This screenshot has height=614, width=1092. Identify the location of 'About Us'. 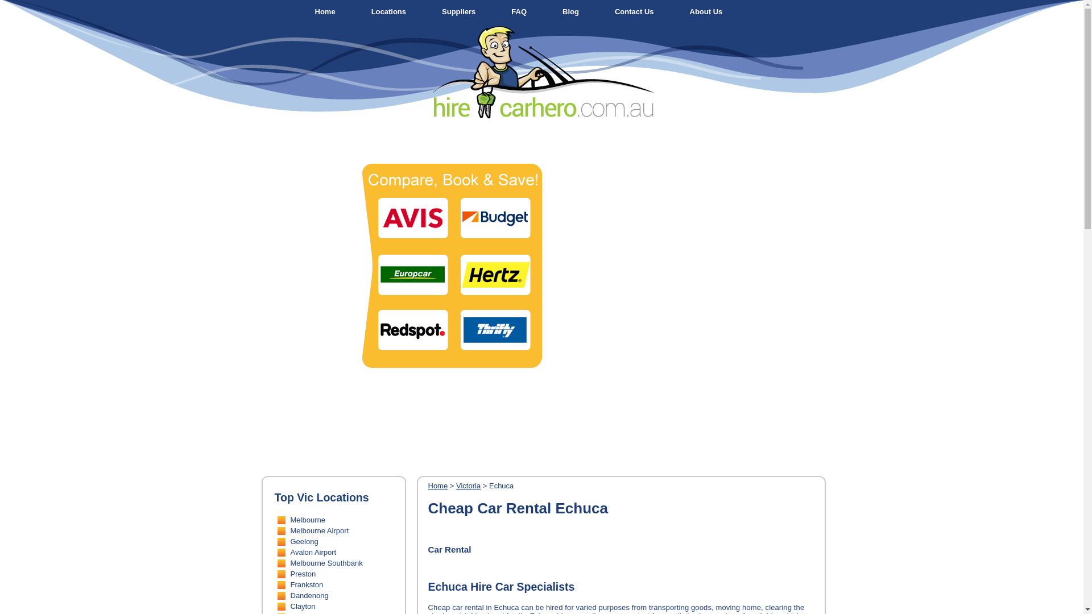
(706, 11).